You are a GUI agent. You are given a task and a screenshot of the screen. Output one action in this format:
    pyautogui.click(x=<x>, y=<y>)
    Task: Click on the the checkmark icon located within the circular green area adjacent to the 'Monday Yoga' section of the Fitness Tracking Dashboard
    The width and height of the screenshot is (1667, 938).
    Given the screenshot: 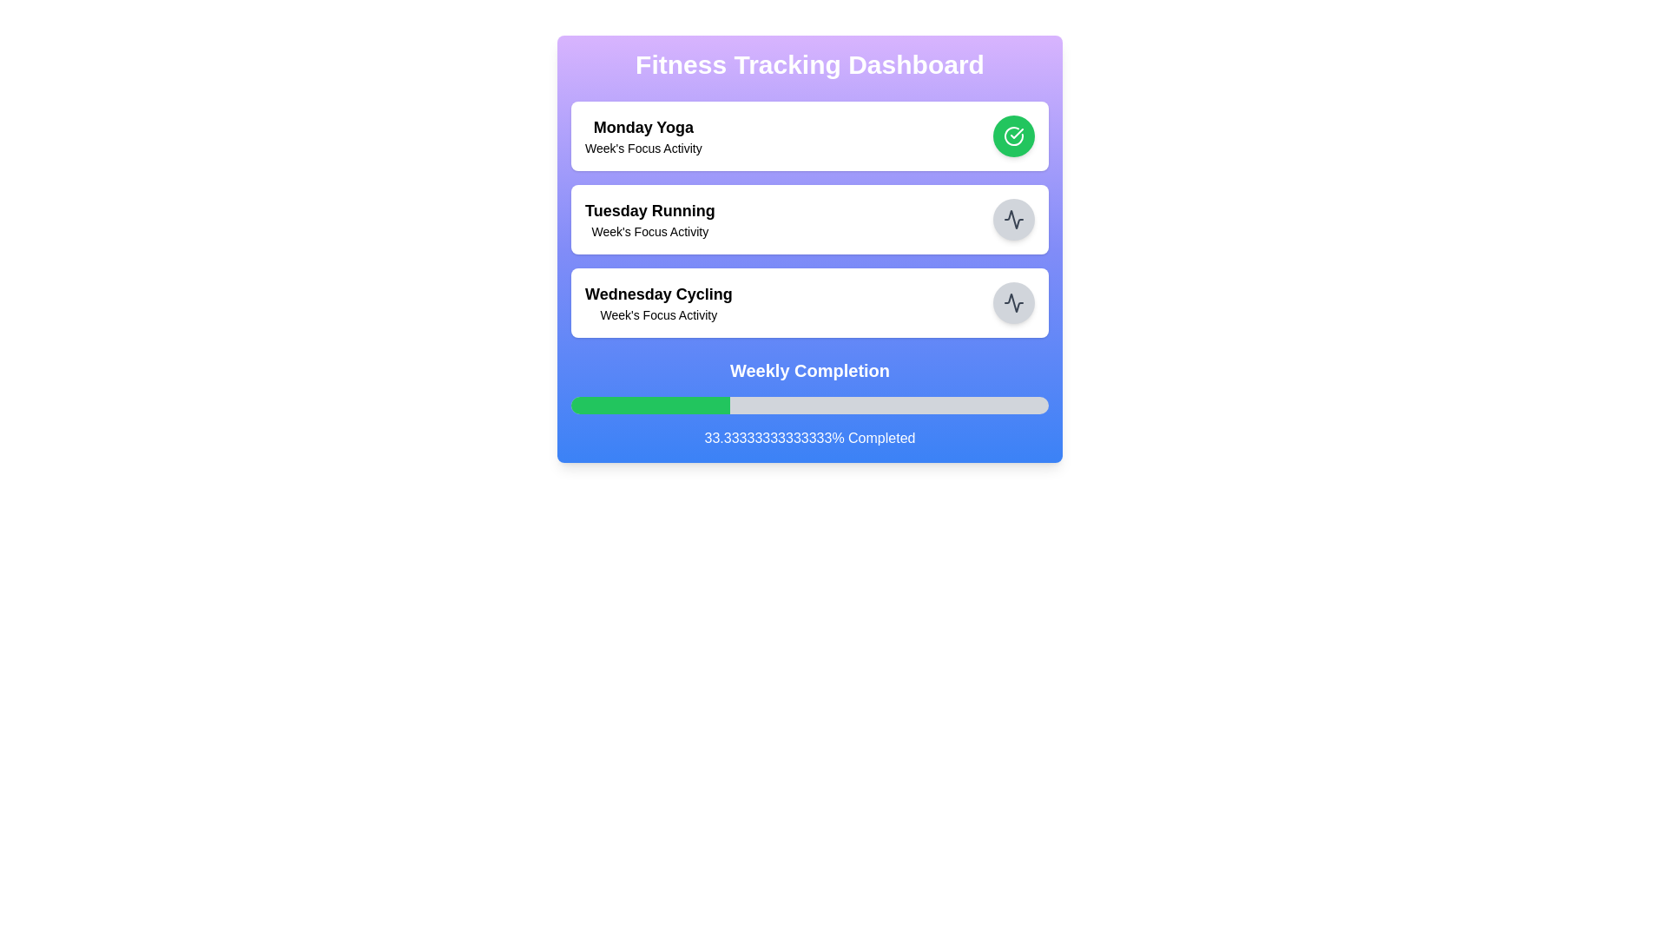 What is the action you would take?
    pyautogui.click(x=1017, y=133)
    